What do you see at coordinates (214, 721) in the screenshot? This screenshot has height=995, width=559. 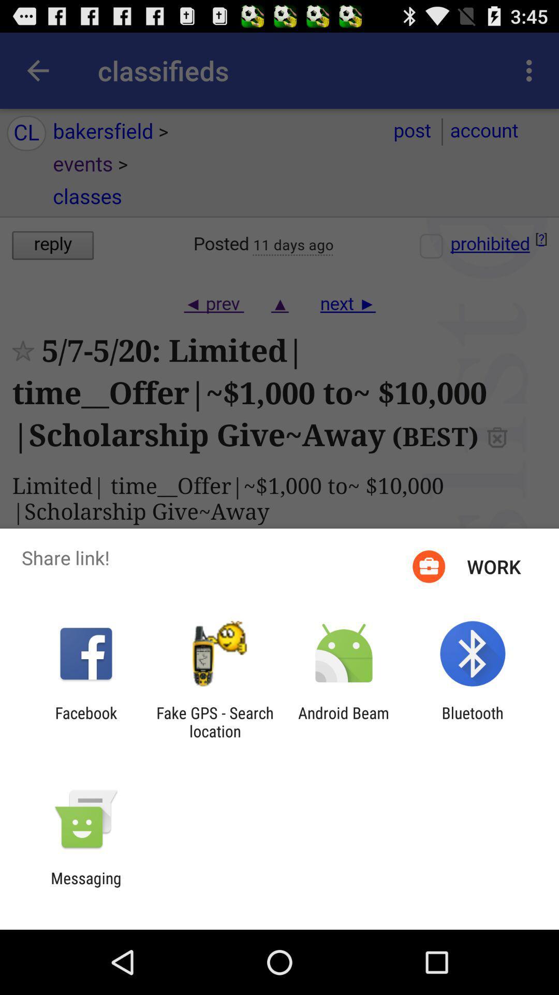 I see `the fake gps search icon` at bounding box center [214, 721].